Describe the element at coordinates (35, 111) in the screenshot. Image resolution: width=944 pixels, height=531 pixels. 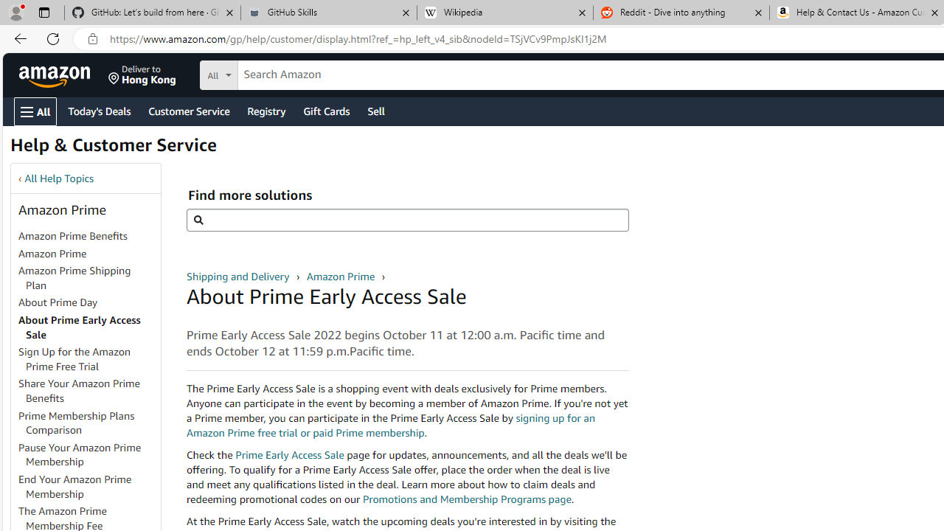
I see `'Open Menu'` at that location.